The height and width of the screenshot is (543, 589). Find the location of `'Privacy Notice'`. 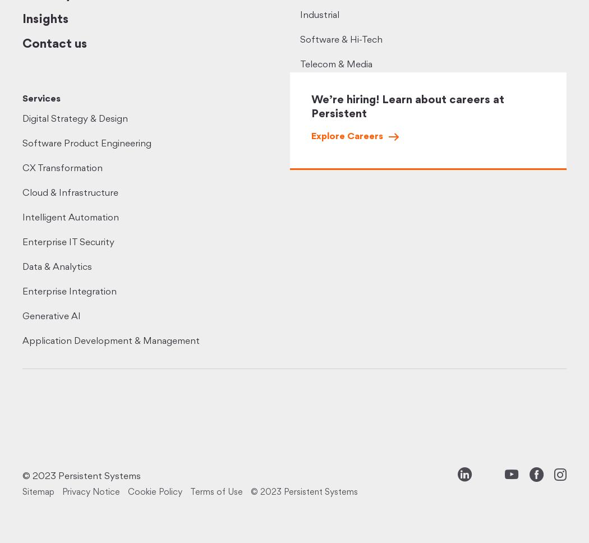

'Privacy Notice' is located at coordinates (91, 492).